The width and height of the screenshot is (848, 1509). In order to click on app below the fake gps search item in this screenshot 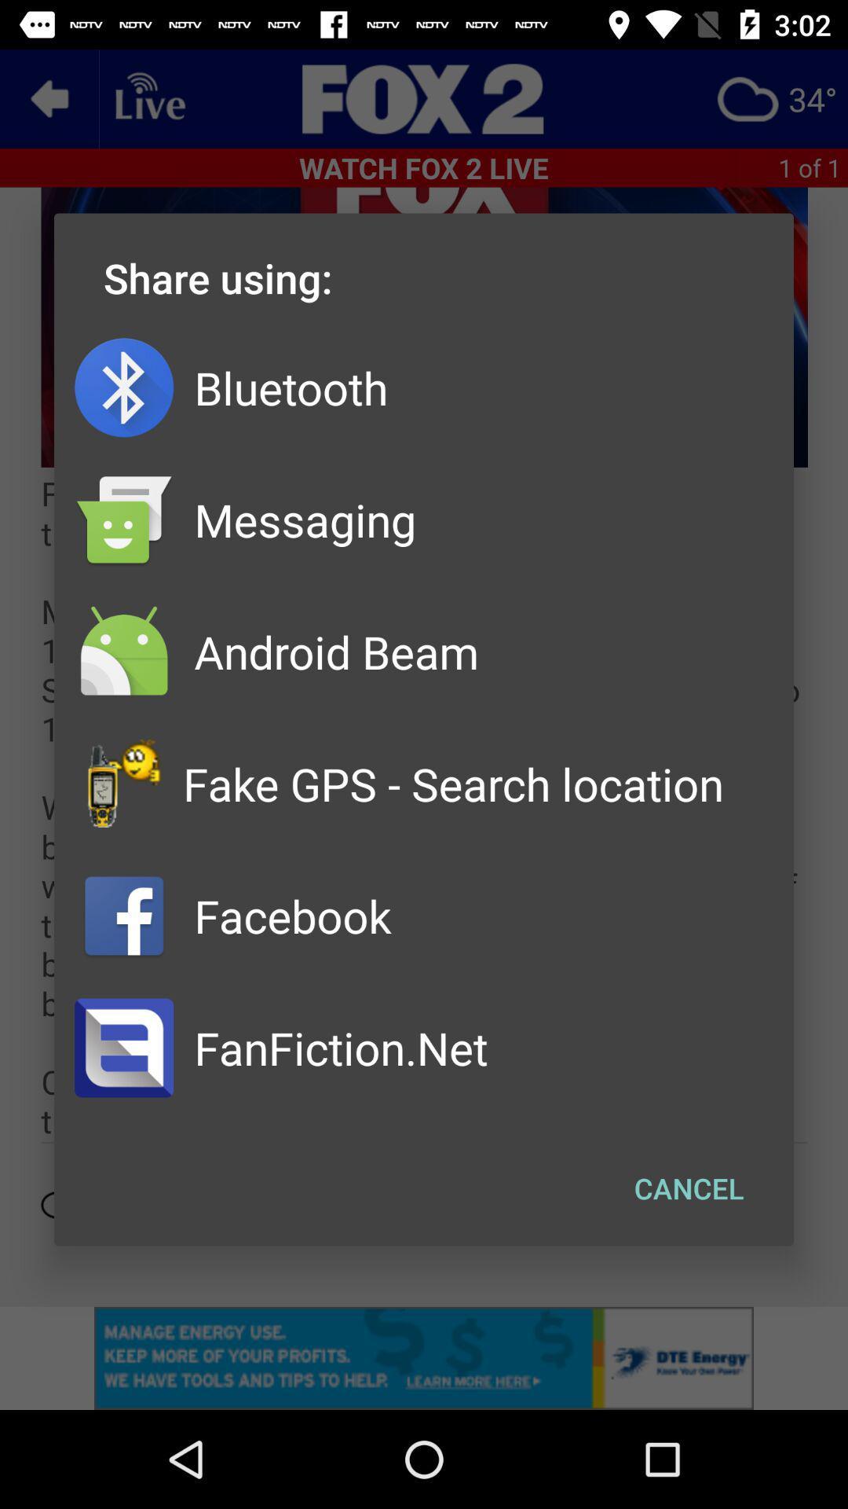, I will do `click(688, 1188)`.